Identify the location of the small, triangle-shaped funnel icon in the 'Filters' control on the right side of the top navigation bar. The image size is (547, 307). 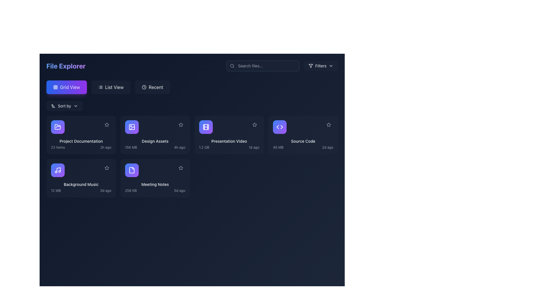
(310, 65).